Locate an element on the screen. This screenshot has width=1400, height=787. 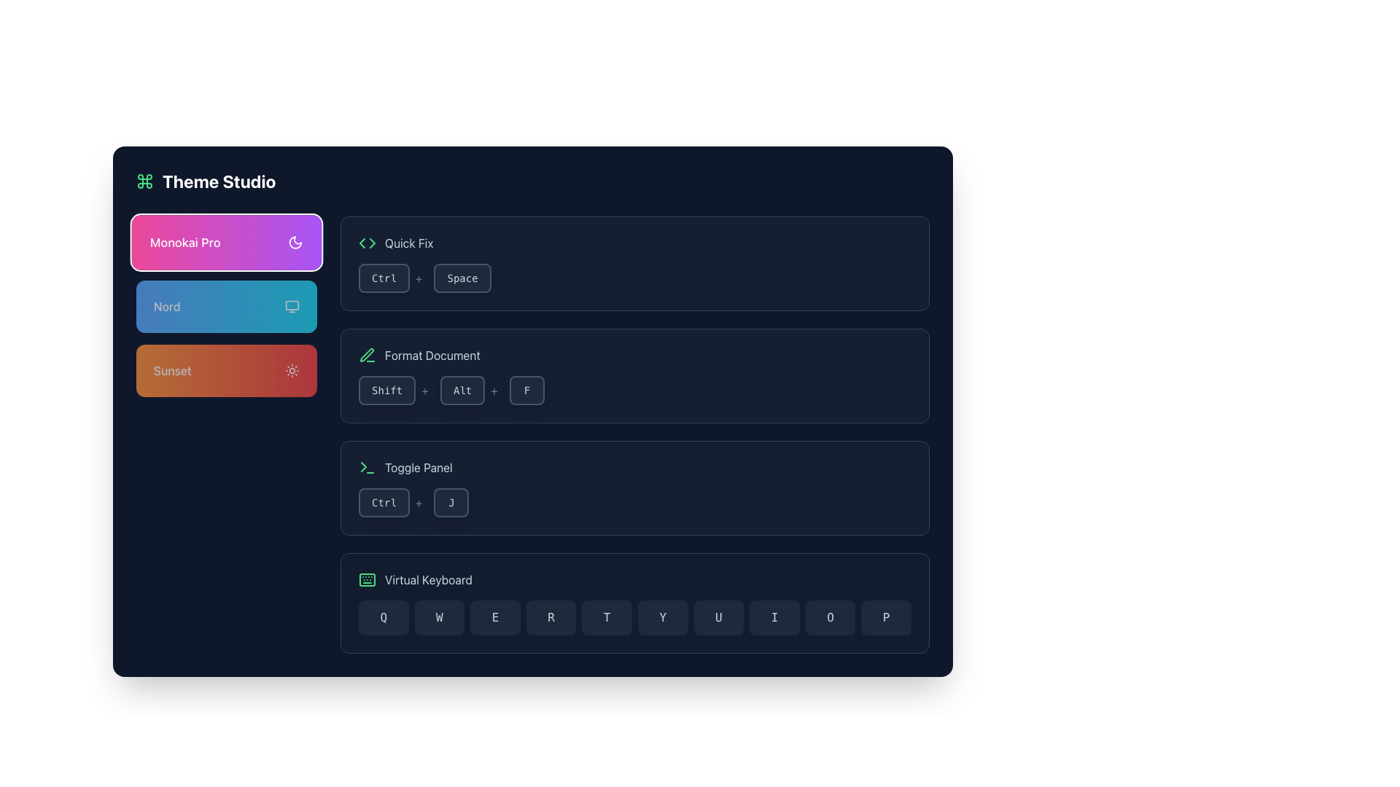
the virtual keyboard interface located at the bottom of the 'Virtual Keyboard' section, which consists of ten adjacent buttons representing keys from 'Q' to 'P' is located at coordinates (634, 618).